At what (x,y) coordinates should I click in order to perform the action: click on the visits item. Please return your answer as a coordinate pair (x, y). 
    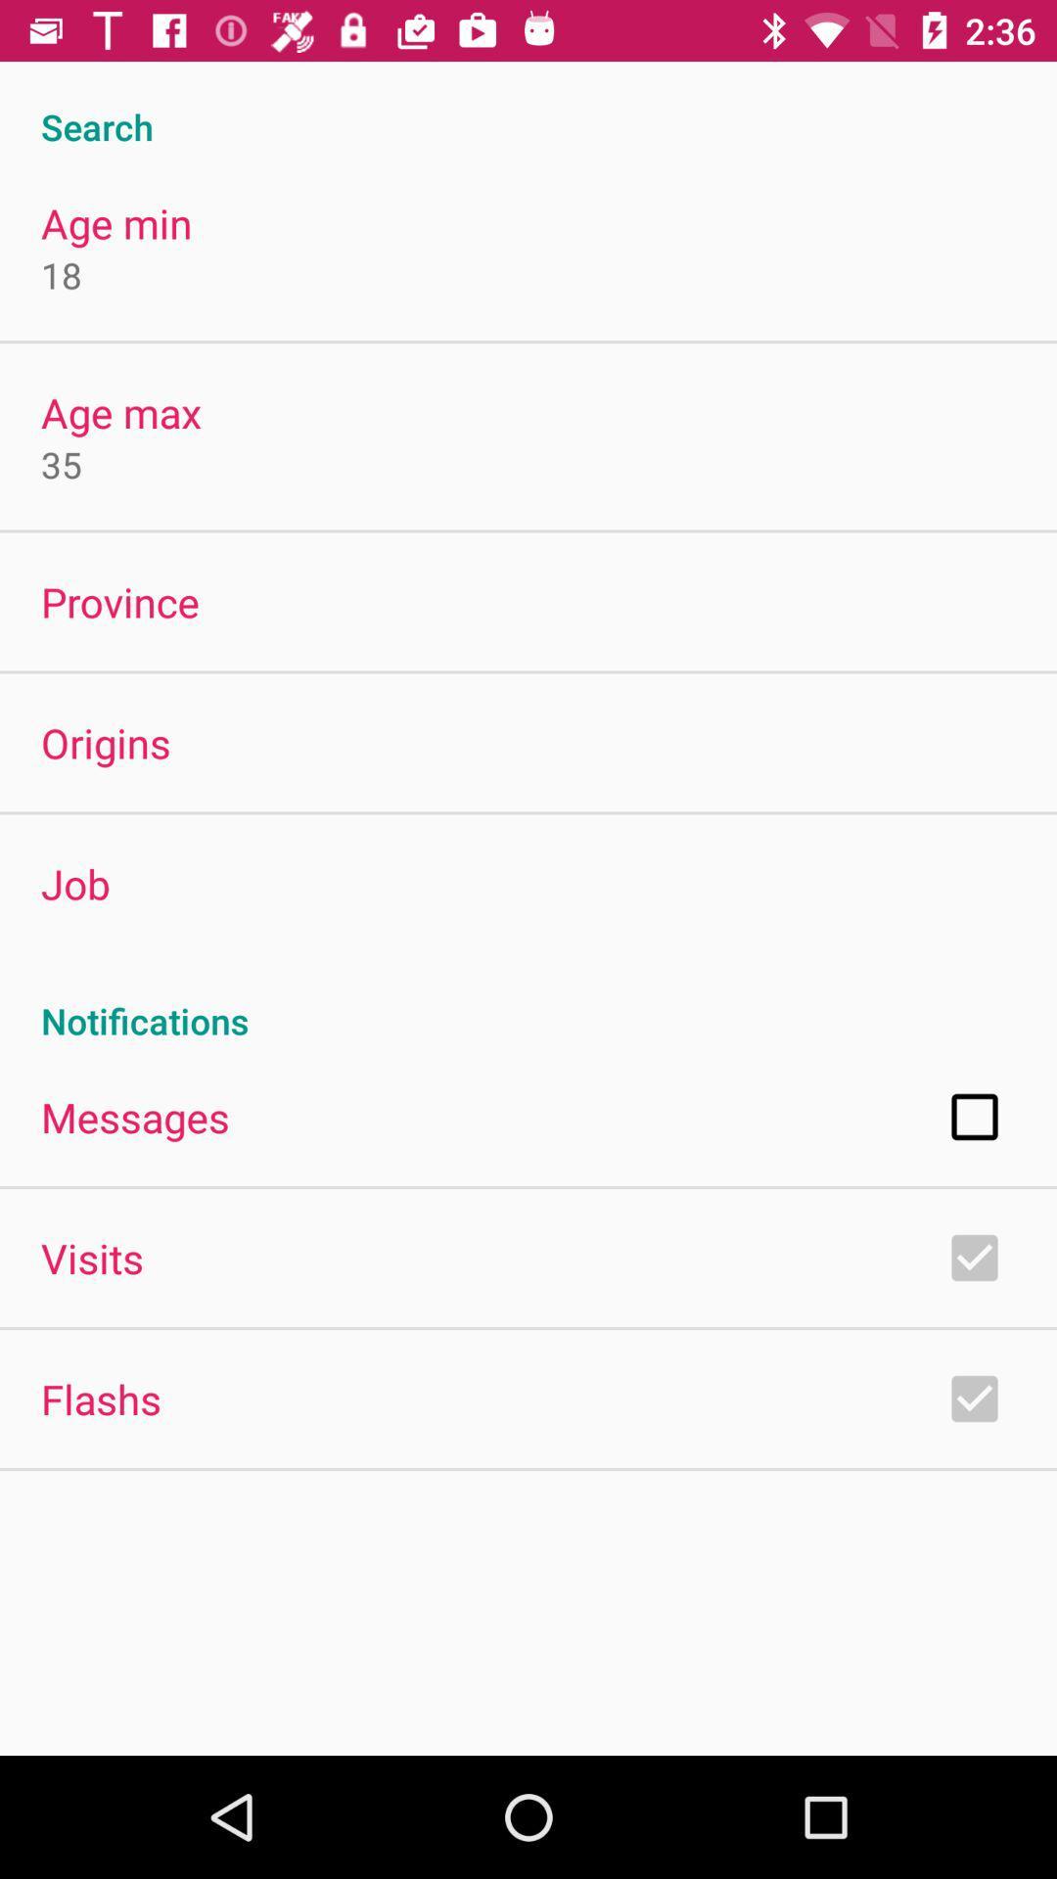
    Looking at the image, I should click on (92, 1258).